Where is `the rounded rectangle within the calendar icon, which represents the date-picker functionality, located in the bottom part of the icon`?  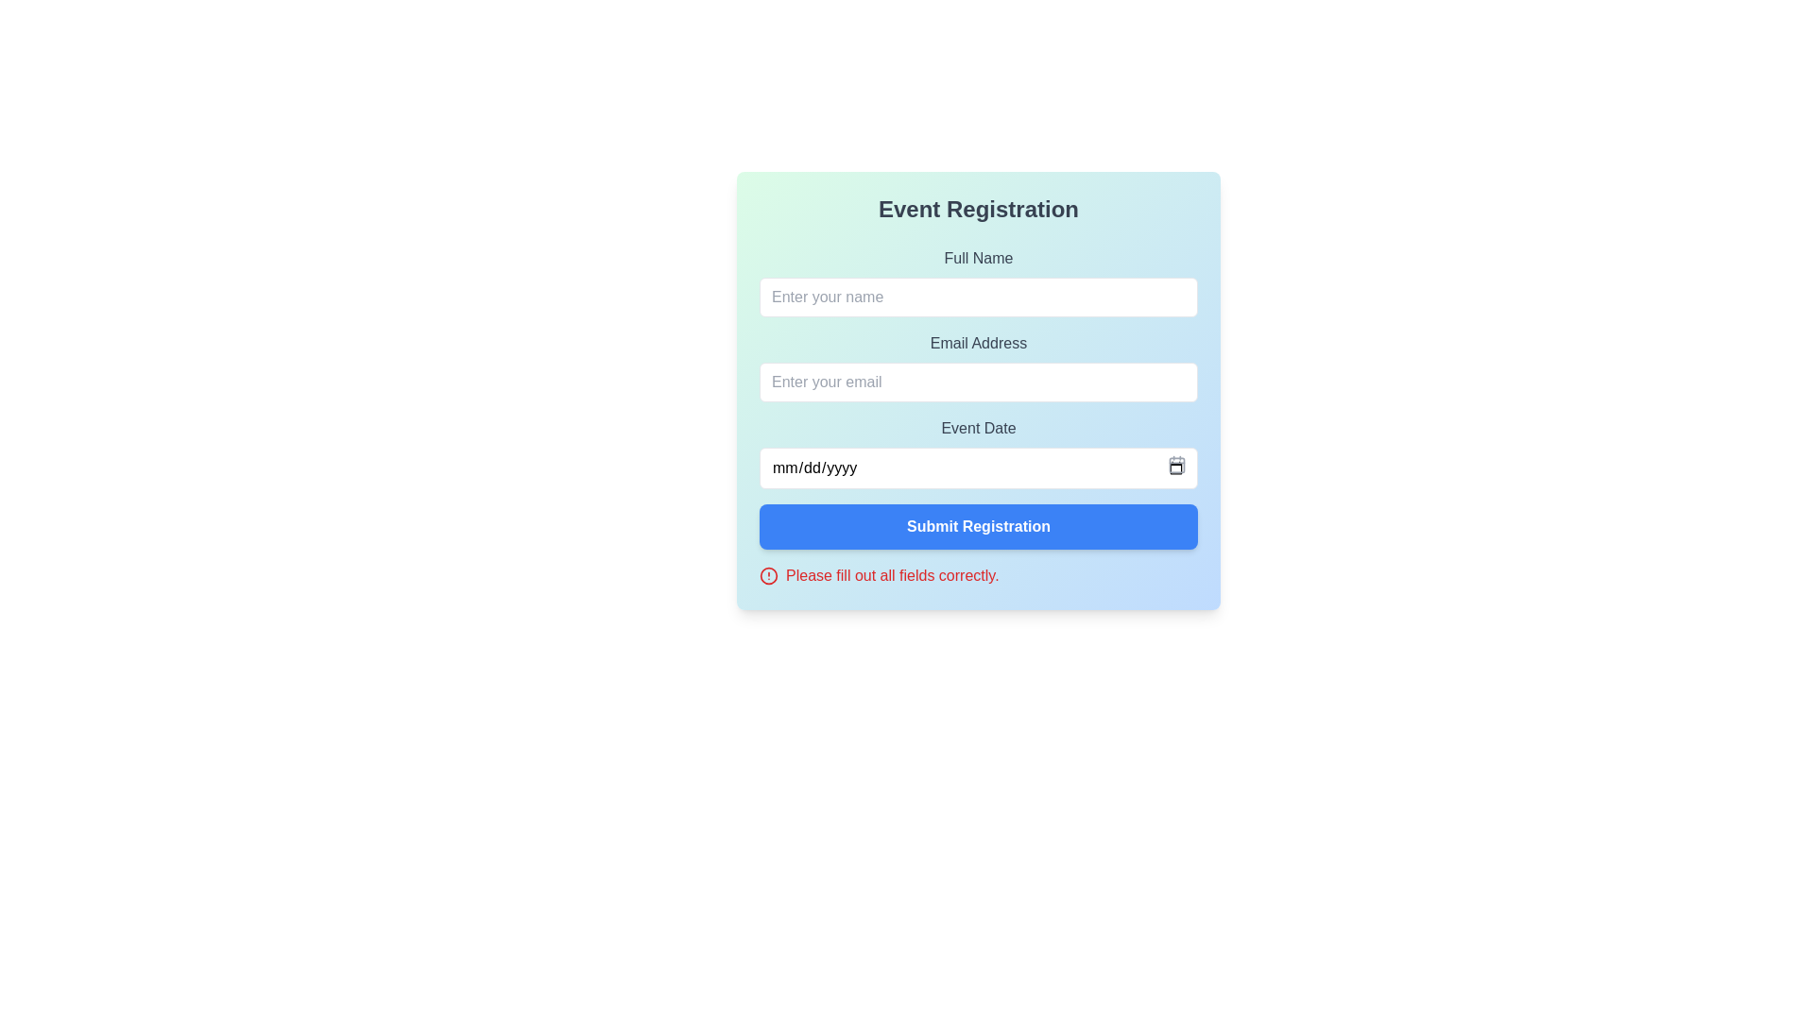
the rounded rectangle within the calendar icon, which represents the date-picker functionality, located in the bottom part of the icon is located at coordinates (1176, 465).